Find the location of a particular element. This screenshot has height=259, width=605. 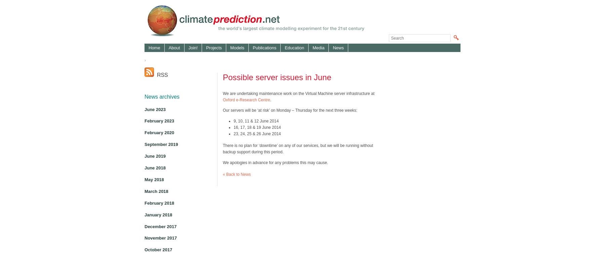

'March 2018' is located at coordinates (156, 191).